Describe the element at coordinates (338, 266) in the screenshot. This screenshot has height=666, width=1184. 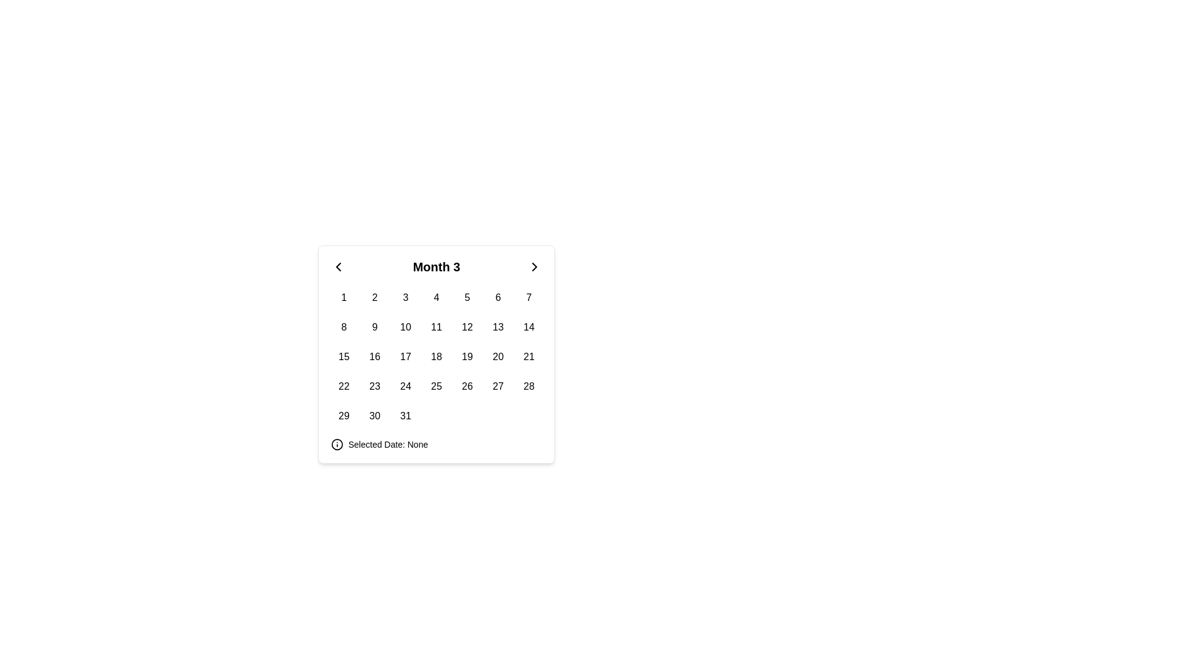
I see `the left-facing arrow button located at the top left of the calendar interface` at that location.